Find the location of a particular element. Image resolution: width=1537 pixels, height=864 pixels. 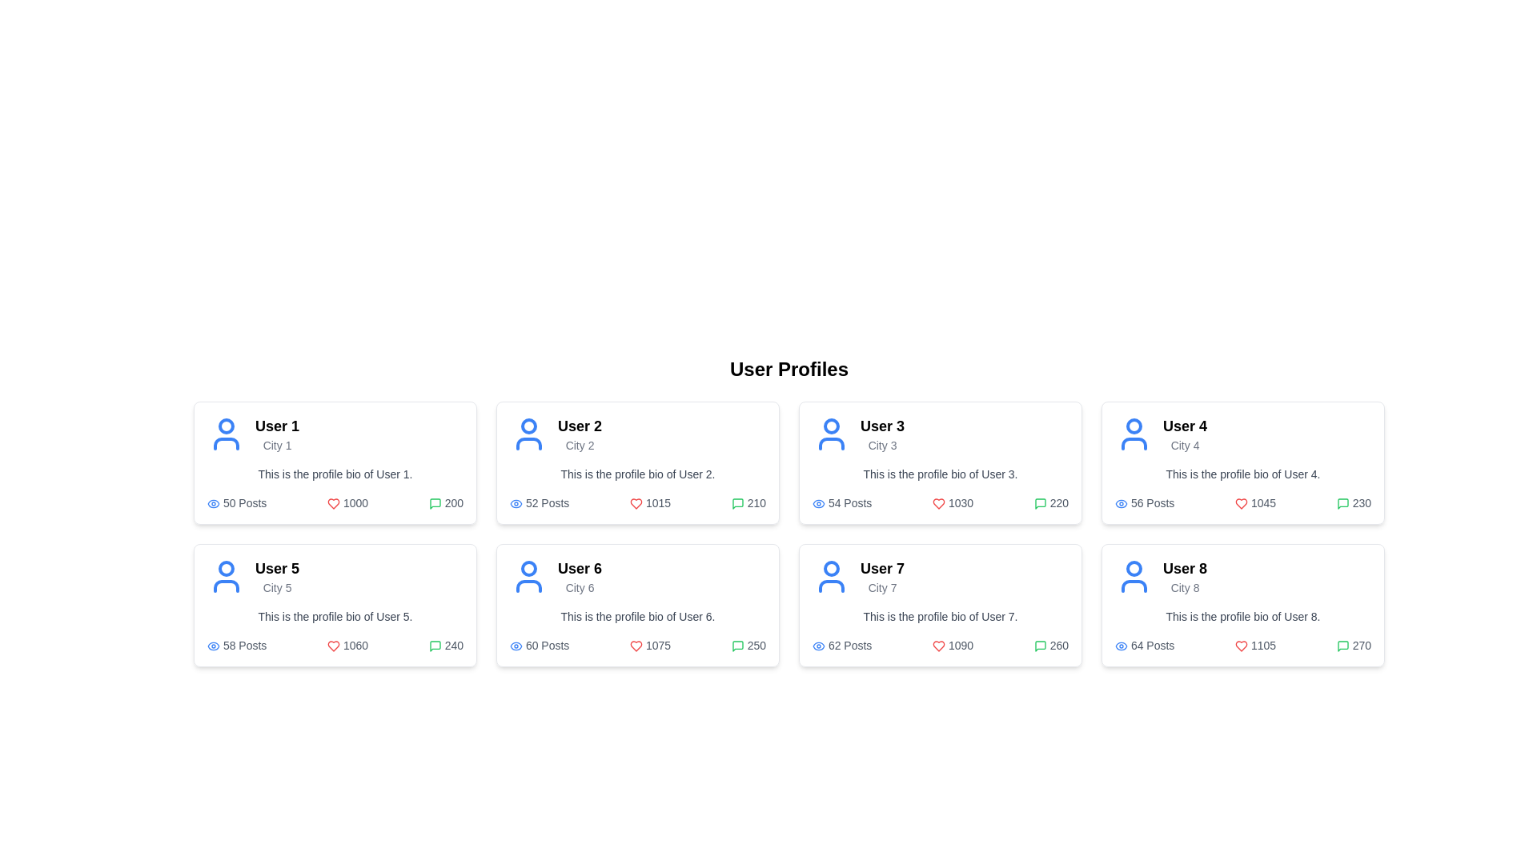

the small eye-shaped icon with a blue outline located to the left of the text '52 Posts' in the second profile card of User 2 is located at coordinates (516, 502).